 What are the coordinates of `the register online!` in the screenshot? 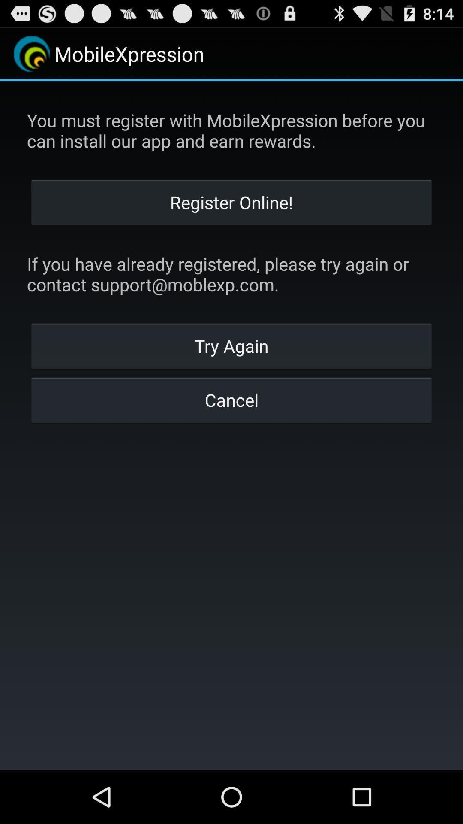 It's located at (231, 201).